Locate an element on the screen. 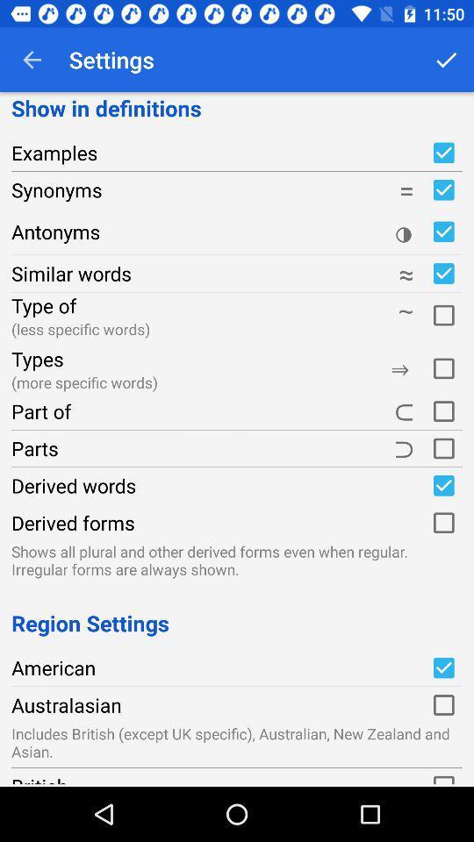 This screenshot has width=474, height=842. with this option on it shows words that are close in meaning to the word you are looking for is located at coordinates (442, 274).